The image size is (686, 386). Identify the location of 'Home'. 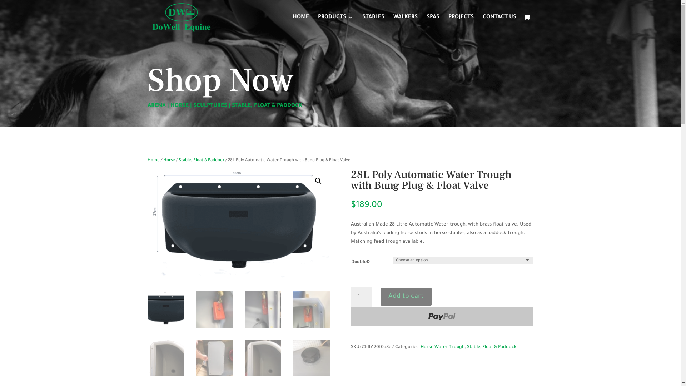
(153, 160).